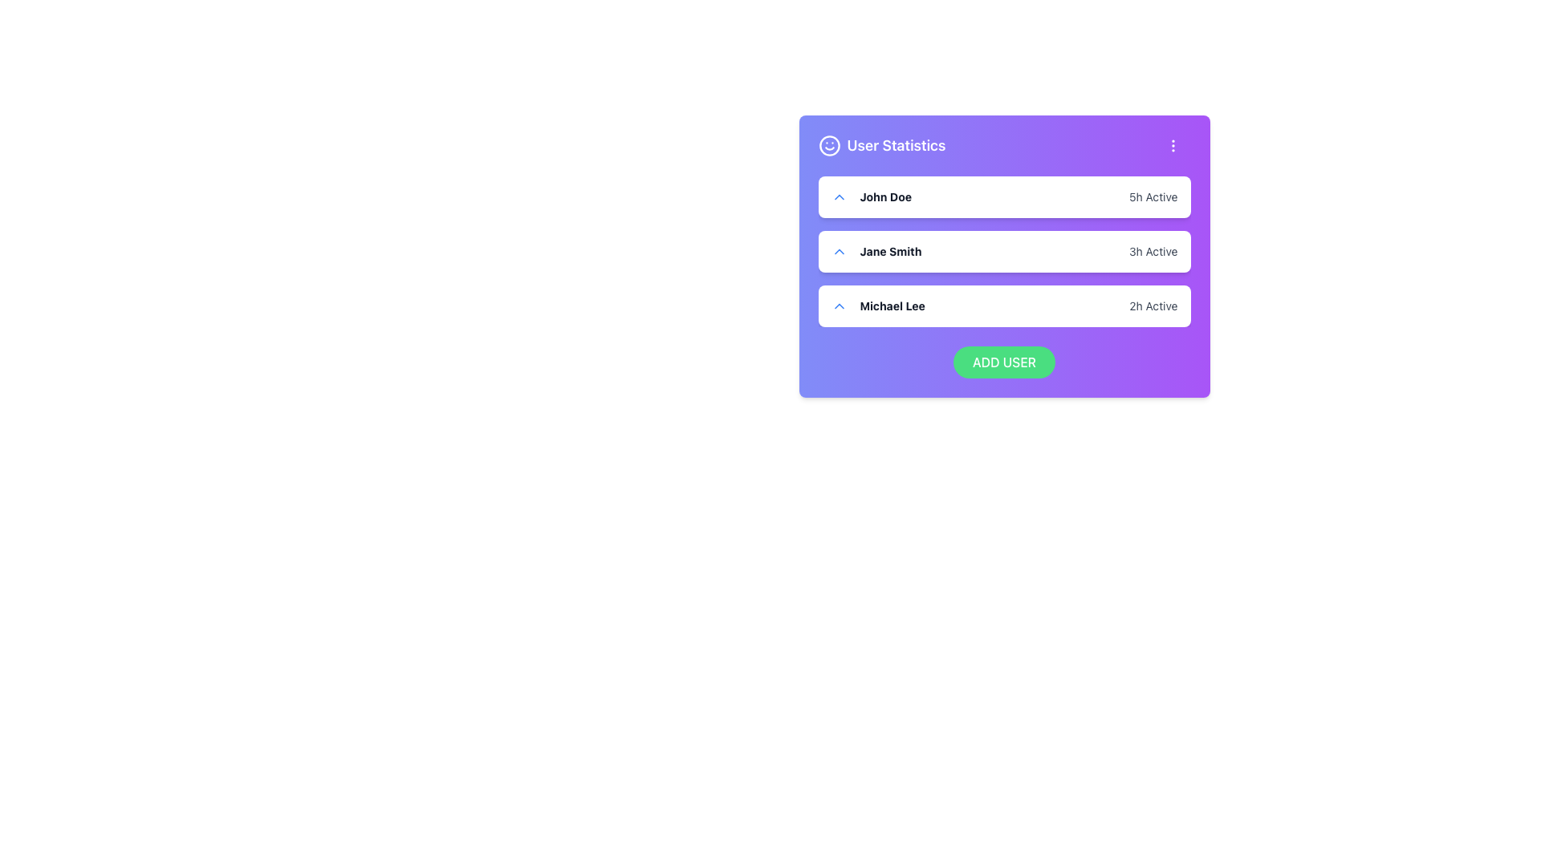 Image resolution: width=1541 pixels, height=866 pixels. What do you see at coordinates (1003, 362) in the screenshot?
I see `the green 'ADD USER' button with rounded edges located at the bottom center of the 'User Statistics' card` at bounding box center [1003, 362].